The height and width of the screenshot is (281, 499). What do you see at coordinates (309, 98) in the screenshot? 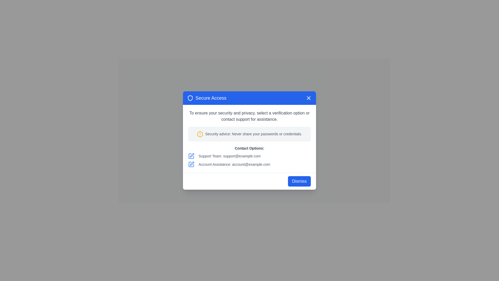
I see `the close button represented as an SVG graphic located in the top-right section of the blue dialog box titled 'Secure Access'` at bounding box center [309, 98].